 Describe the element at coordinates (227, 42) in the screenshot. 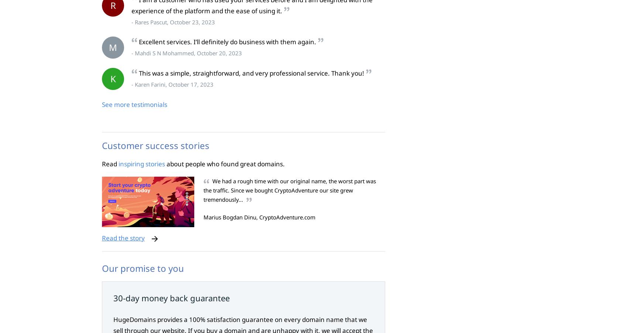

I see `'Excellent services. I’ll definitely do business with them again.'` at that location.